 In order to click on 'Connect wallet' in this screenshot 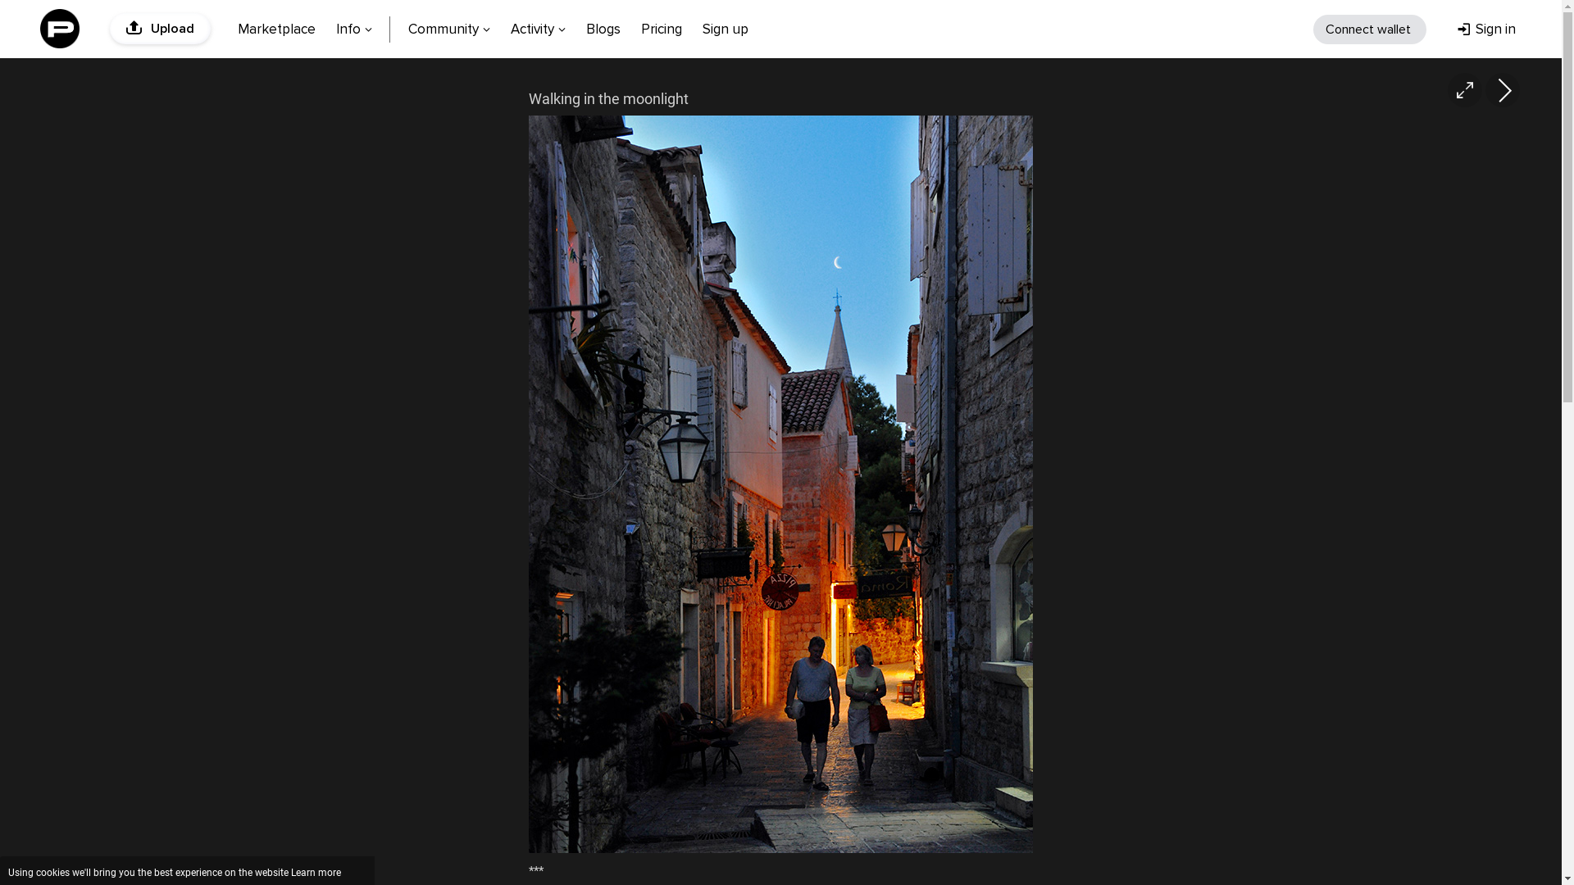, I will do `click(1369, 29)`.